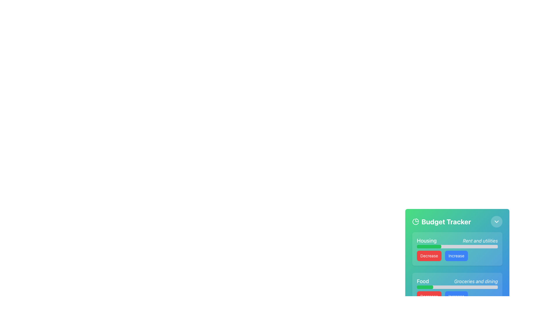 This screenshot has width=557, height=313. What do you see at coordinates (496, 221) in the screenshot?
I see `the circular button containing a downward-pointing chevron icon within the 'Budget Tracker' panel to observe any hover effects` at bounding box center [496, 221].